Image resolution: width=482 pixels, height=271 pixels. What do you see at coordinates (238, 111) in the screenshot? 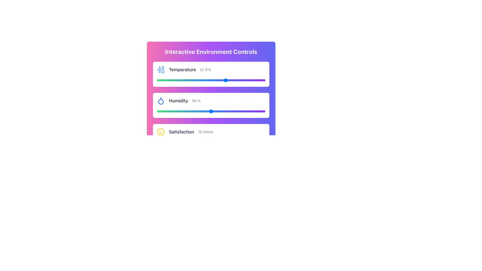
I see `humidity` at bounding box center [238, 111].